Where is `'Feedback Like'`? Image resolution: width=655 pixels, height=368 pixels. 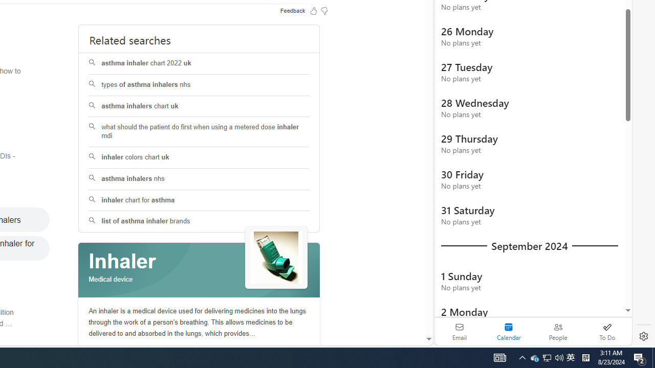 'Feedback Like' is located at coordinates (313, 10).